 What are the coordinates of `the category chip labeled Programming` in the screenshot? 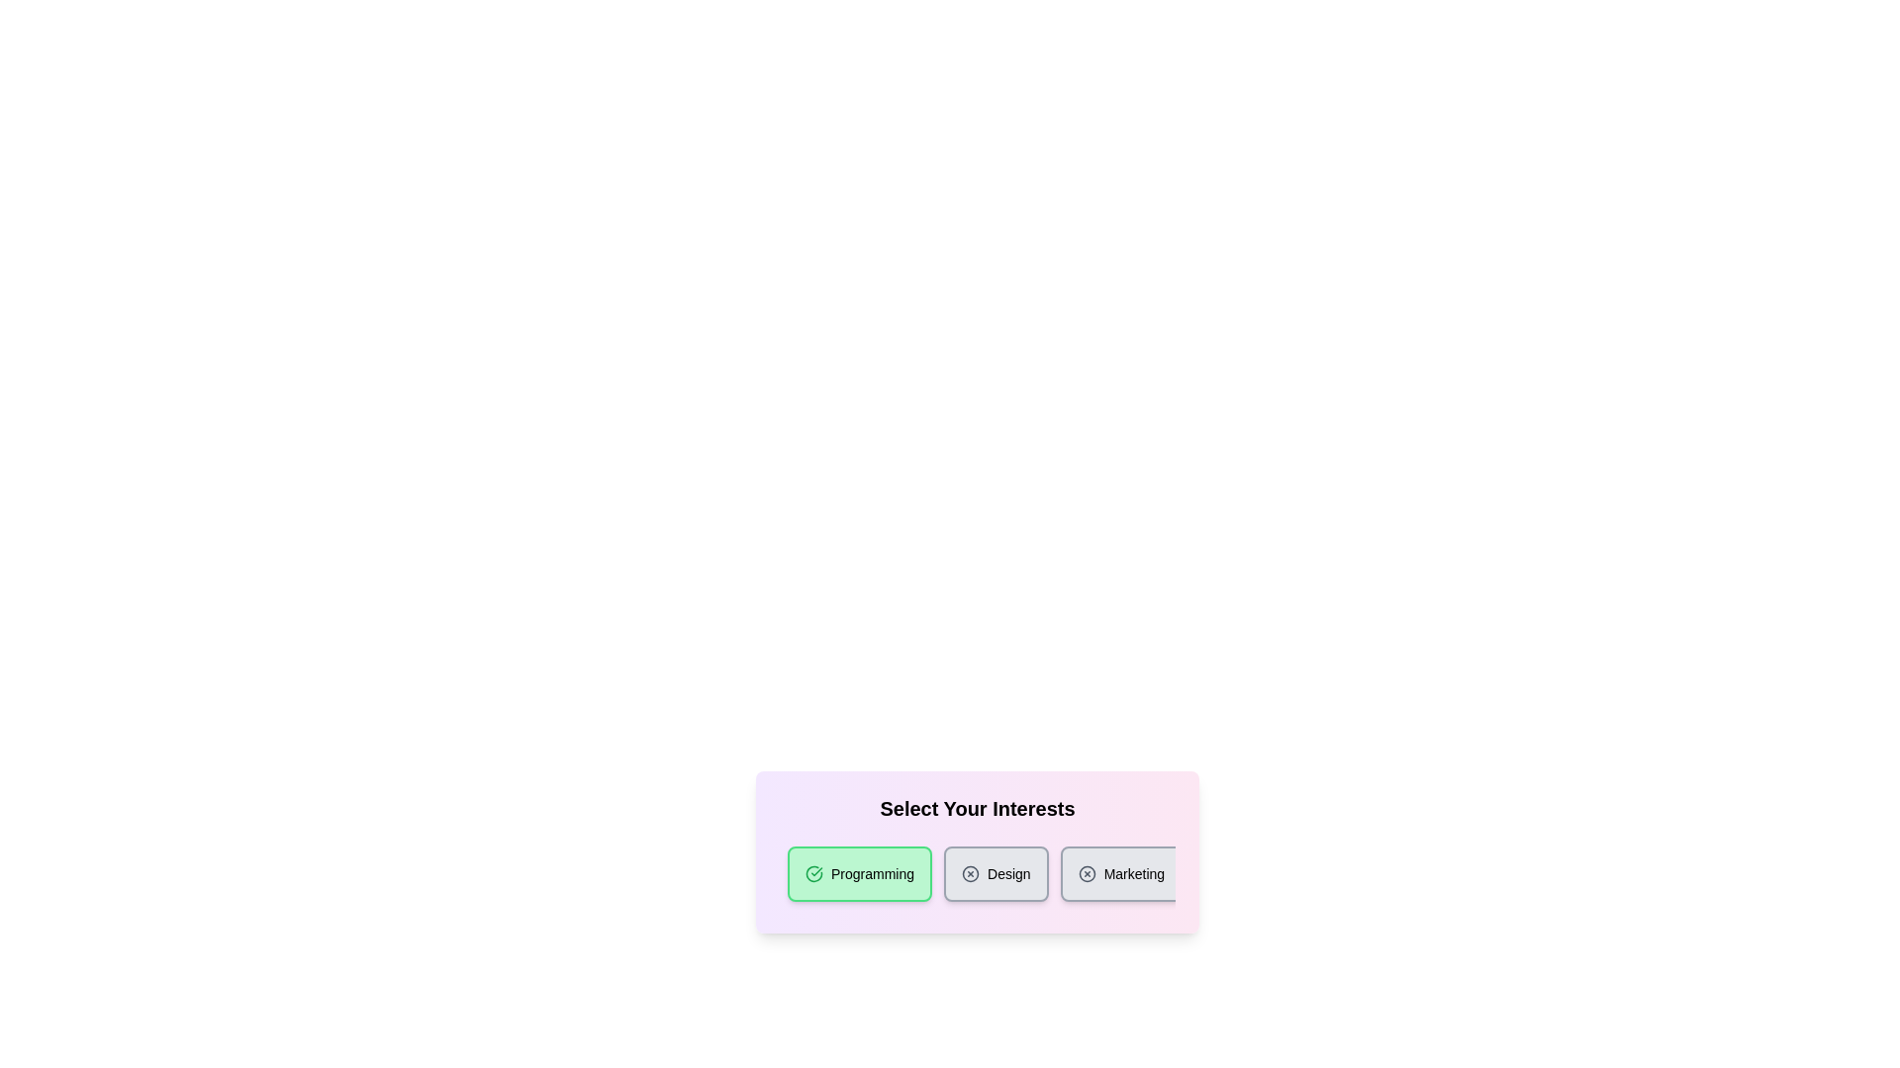 It's located at (859, 872).